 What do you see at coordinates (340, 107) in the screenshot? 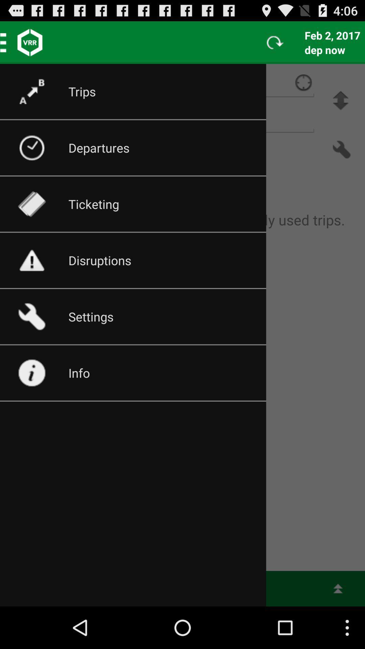
I see `the arrow_upward icon` at bounding box center [340, 107].